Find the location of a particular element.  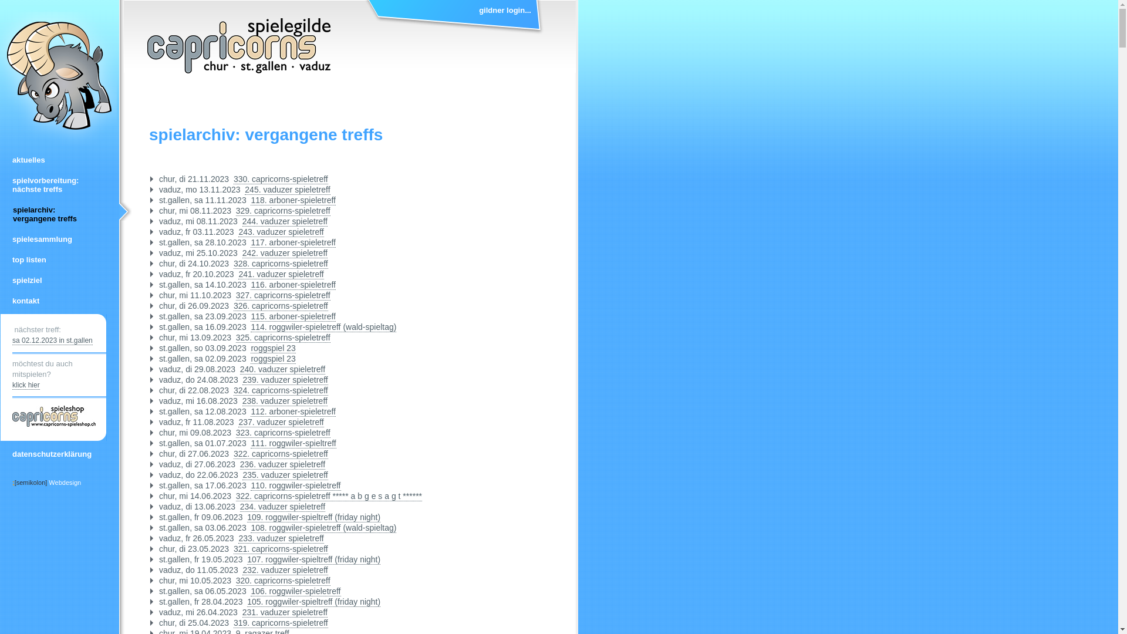

'245. vaduzer spieletreff' is located at coordinates (287, 189).